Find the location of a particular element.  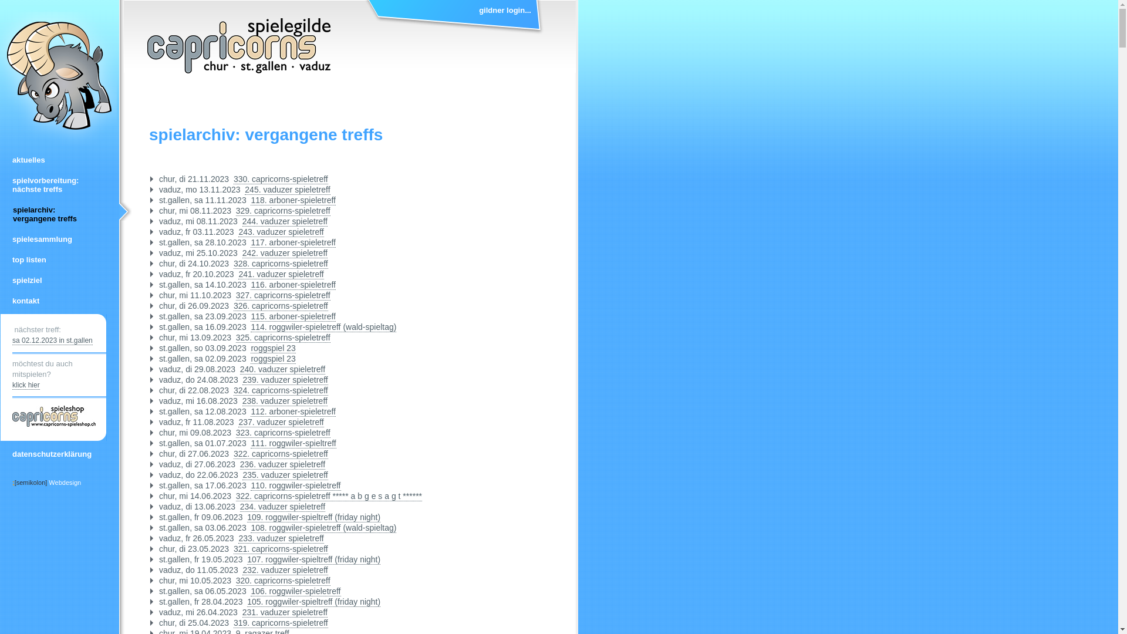

'245. vaduzer spieletreff' is located at coordinates (287, 189).